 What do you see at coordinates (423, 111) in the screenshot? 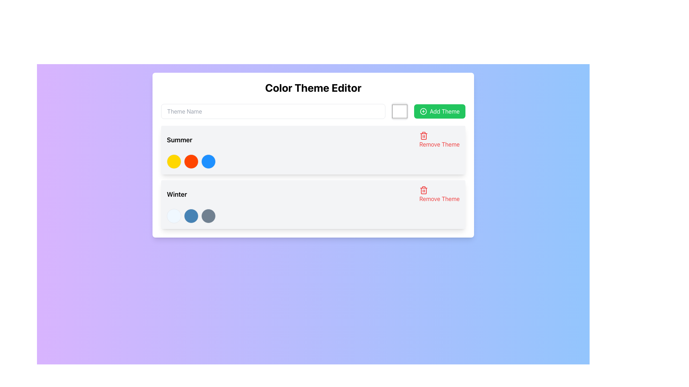
I see `the circular icon that is centered inside the 'Add Theme' button, which is styled in green with white text, located in the upper-right region of the interface` at bounding box center [423, 111].